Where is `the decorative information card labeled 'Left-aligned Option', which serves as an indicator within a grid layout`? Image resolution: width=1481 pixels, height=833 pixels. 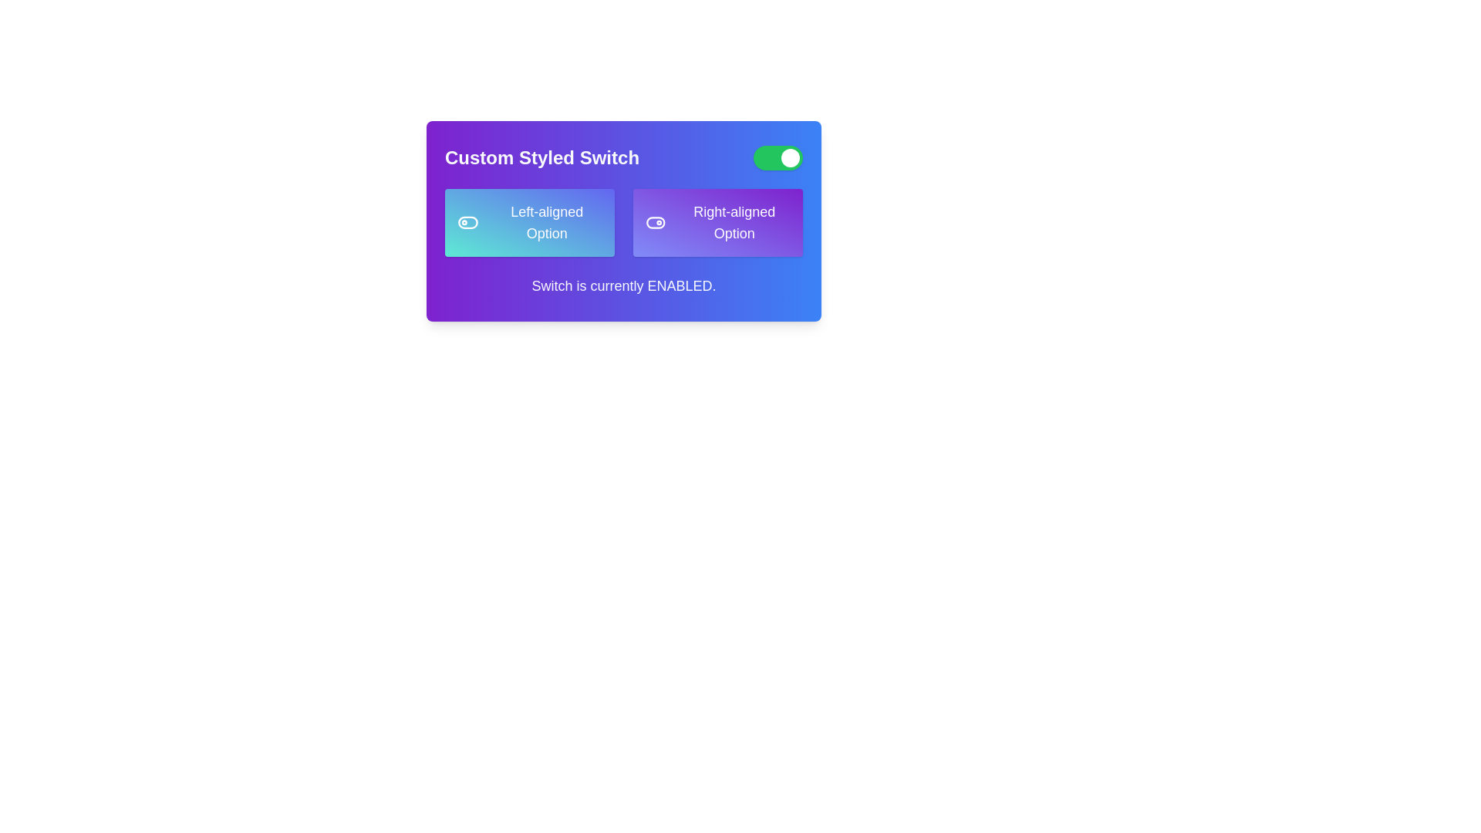 the decorative information card labeled 'Left-aligned Option', which serves as an indicator within a grid layout is located at coordinates (529, 223).